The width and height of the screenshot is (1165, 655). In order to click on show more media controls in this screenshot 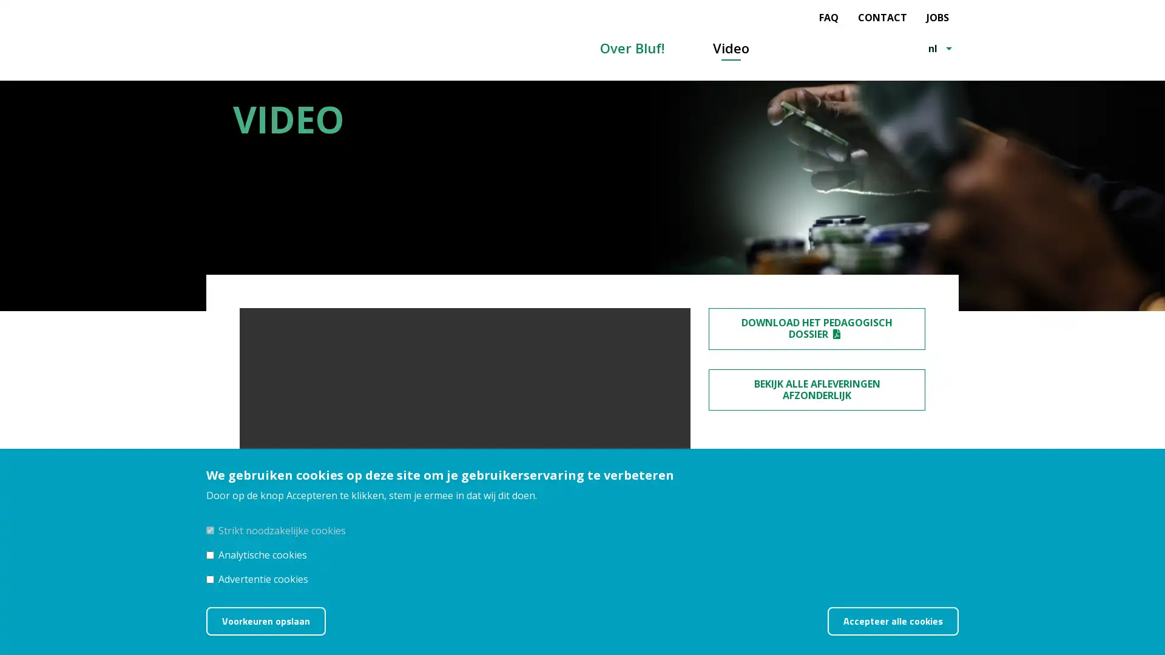, I will do `click(675, 503)`.